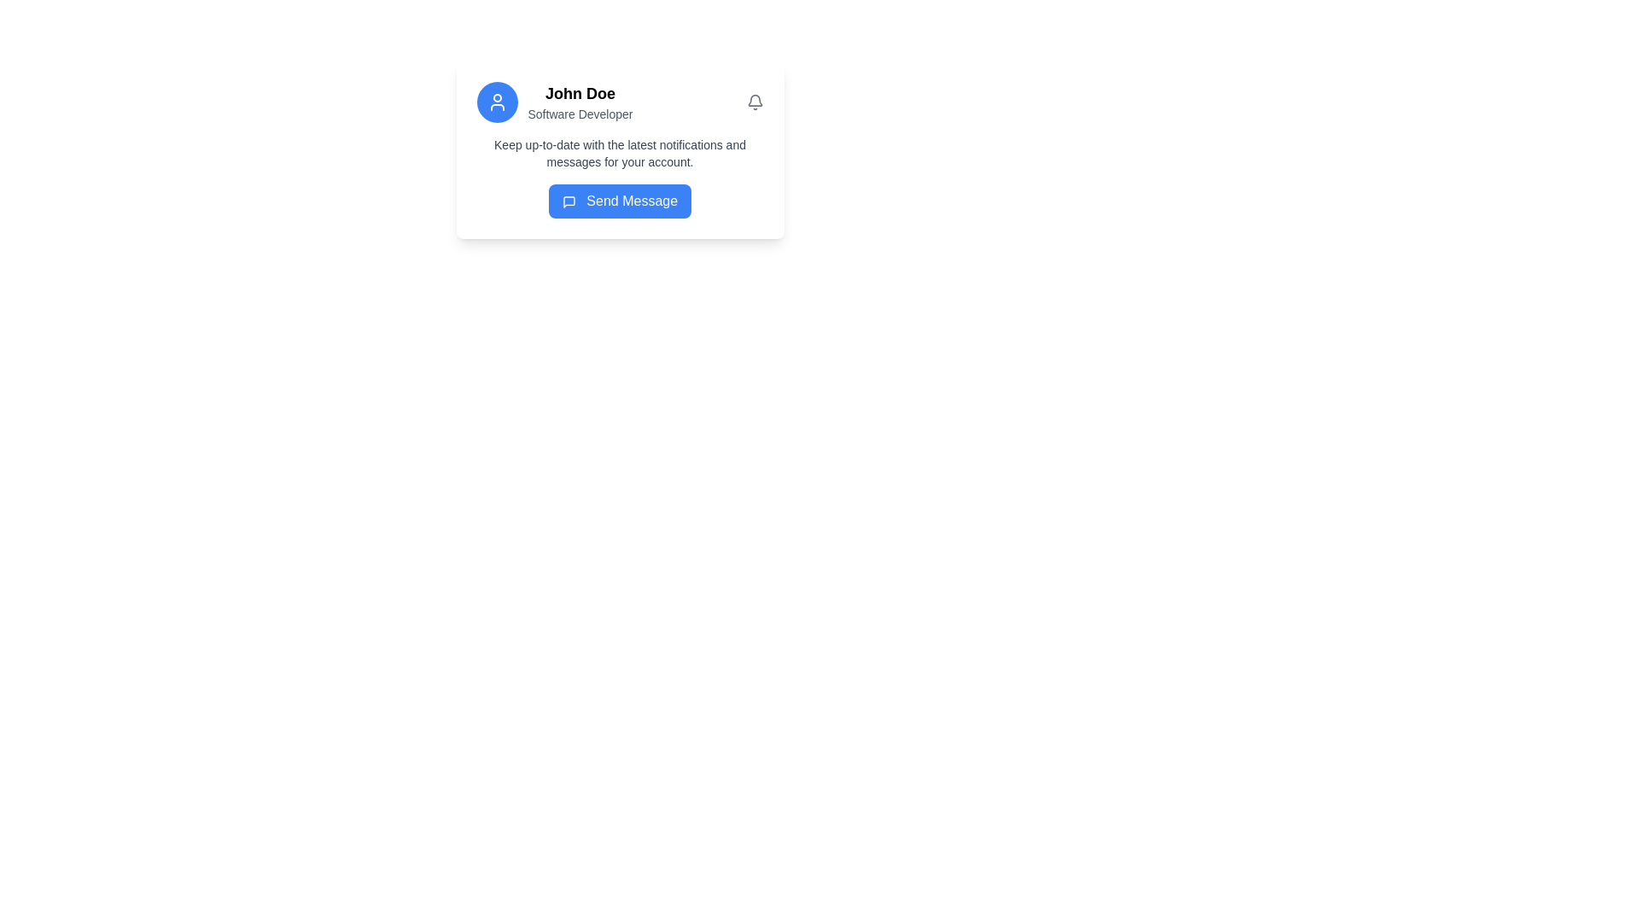 This screenshot has height=922, width=1639. I want to click on the bell-shaped icon button located at the top-right corner of the user profile card, so click(754, 102).